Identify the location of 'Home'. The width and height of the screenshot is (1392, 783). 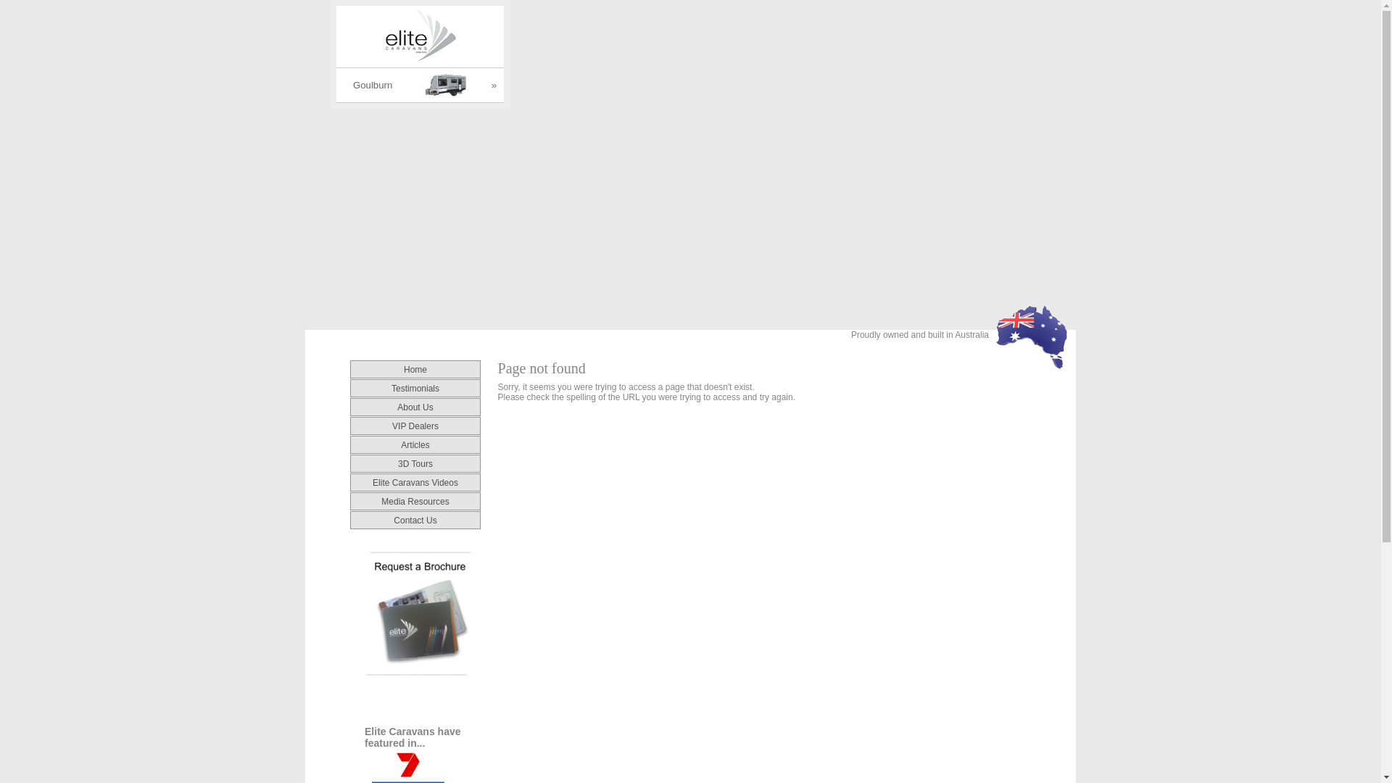
(414, 368).